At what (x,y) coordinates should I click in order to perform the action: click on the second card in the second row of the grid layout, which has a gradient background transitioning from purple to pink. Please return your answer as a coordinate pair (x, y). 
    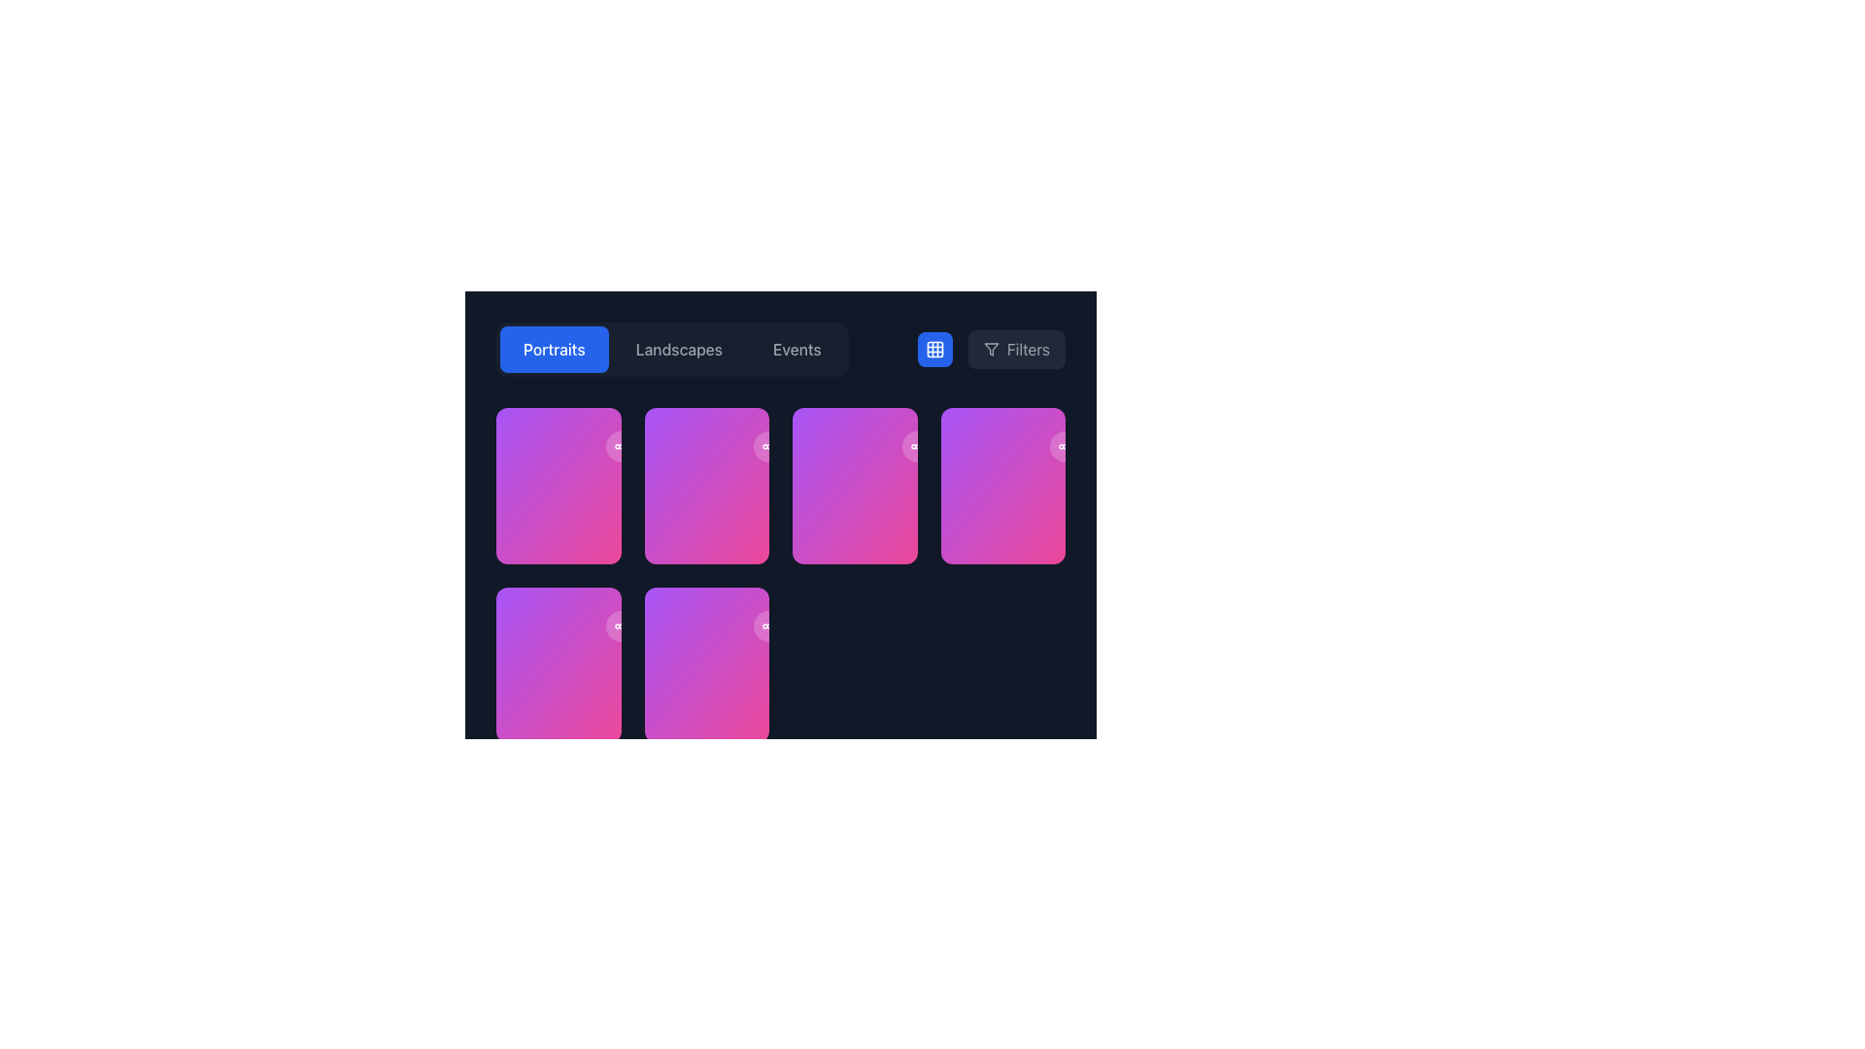
    Looking at the image, I should click on (705, 485).